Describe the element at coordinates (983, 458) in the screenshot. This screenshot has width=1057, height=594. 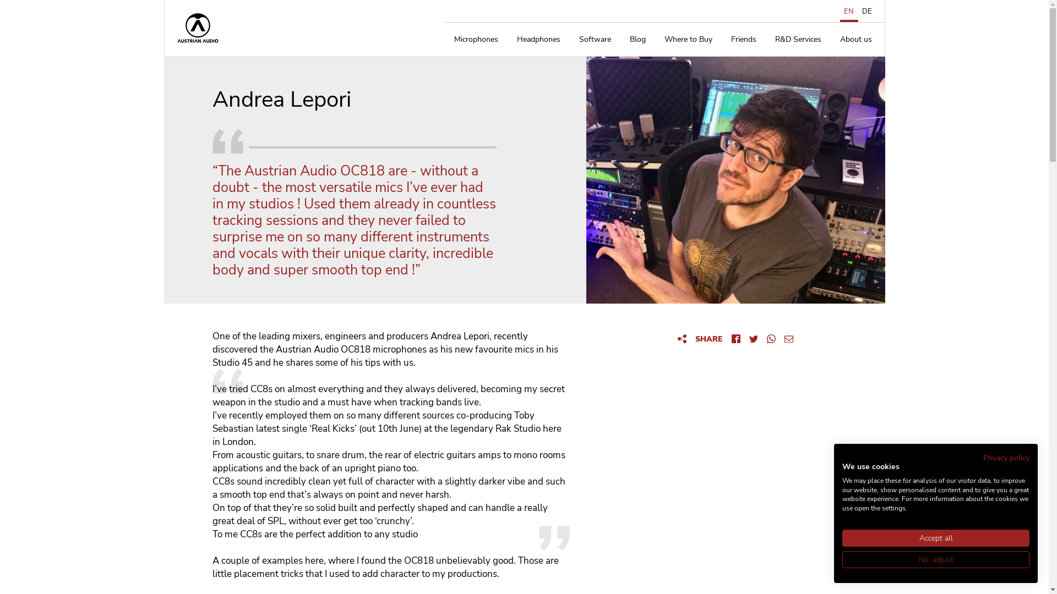
I see `'Privacy policy'` at that location.